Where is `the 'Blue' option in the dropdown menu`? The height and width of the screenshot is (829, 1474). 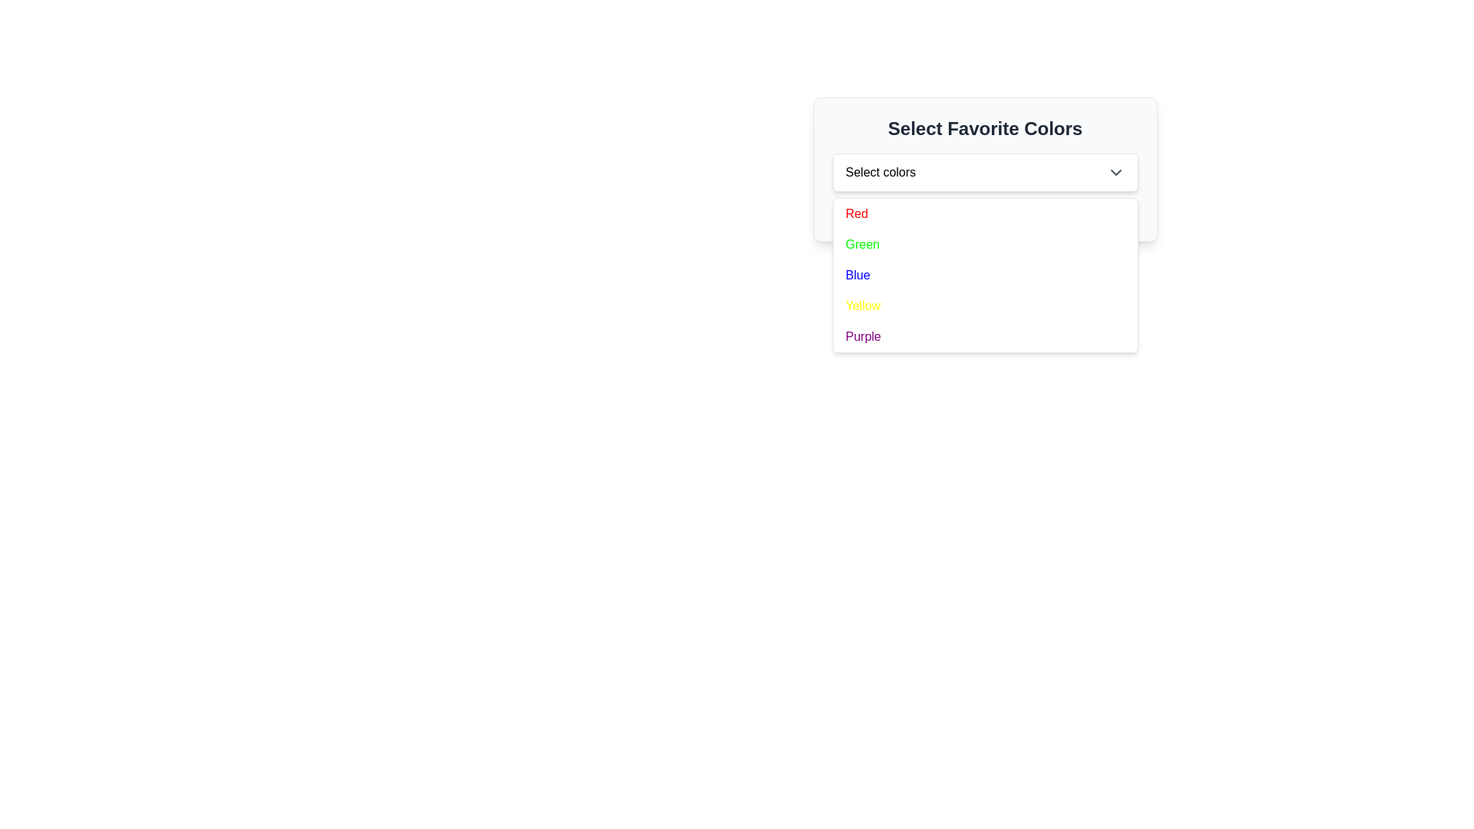 the 'Blue' option in the dropdown menu is located at coordinates (985, 274).